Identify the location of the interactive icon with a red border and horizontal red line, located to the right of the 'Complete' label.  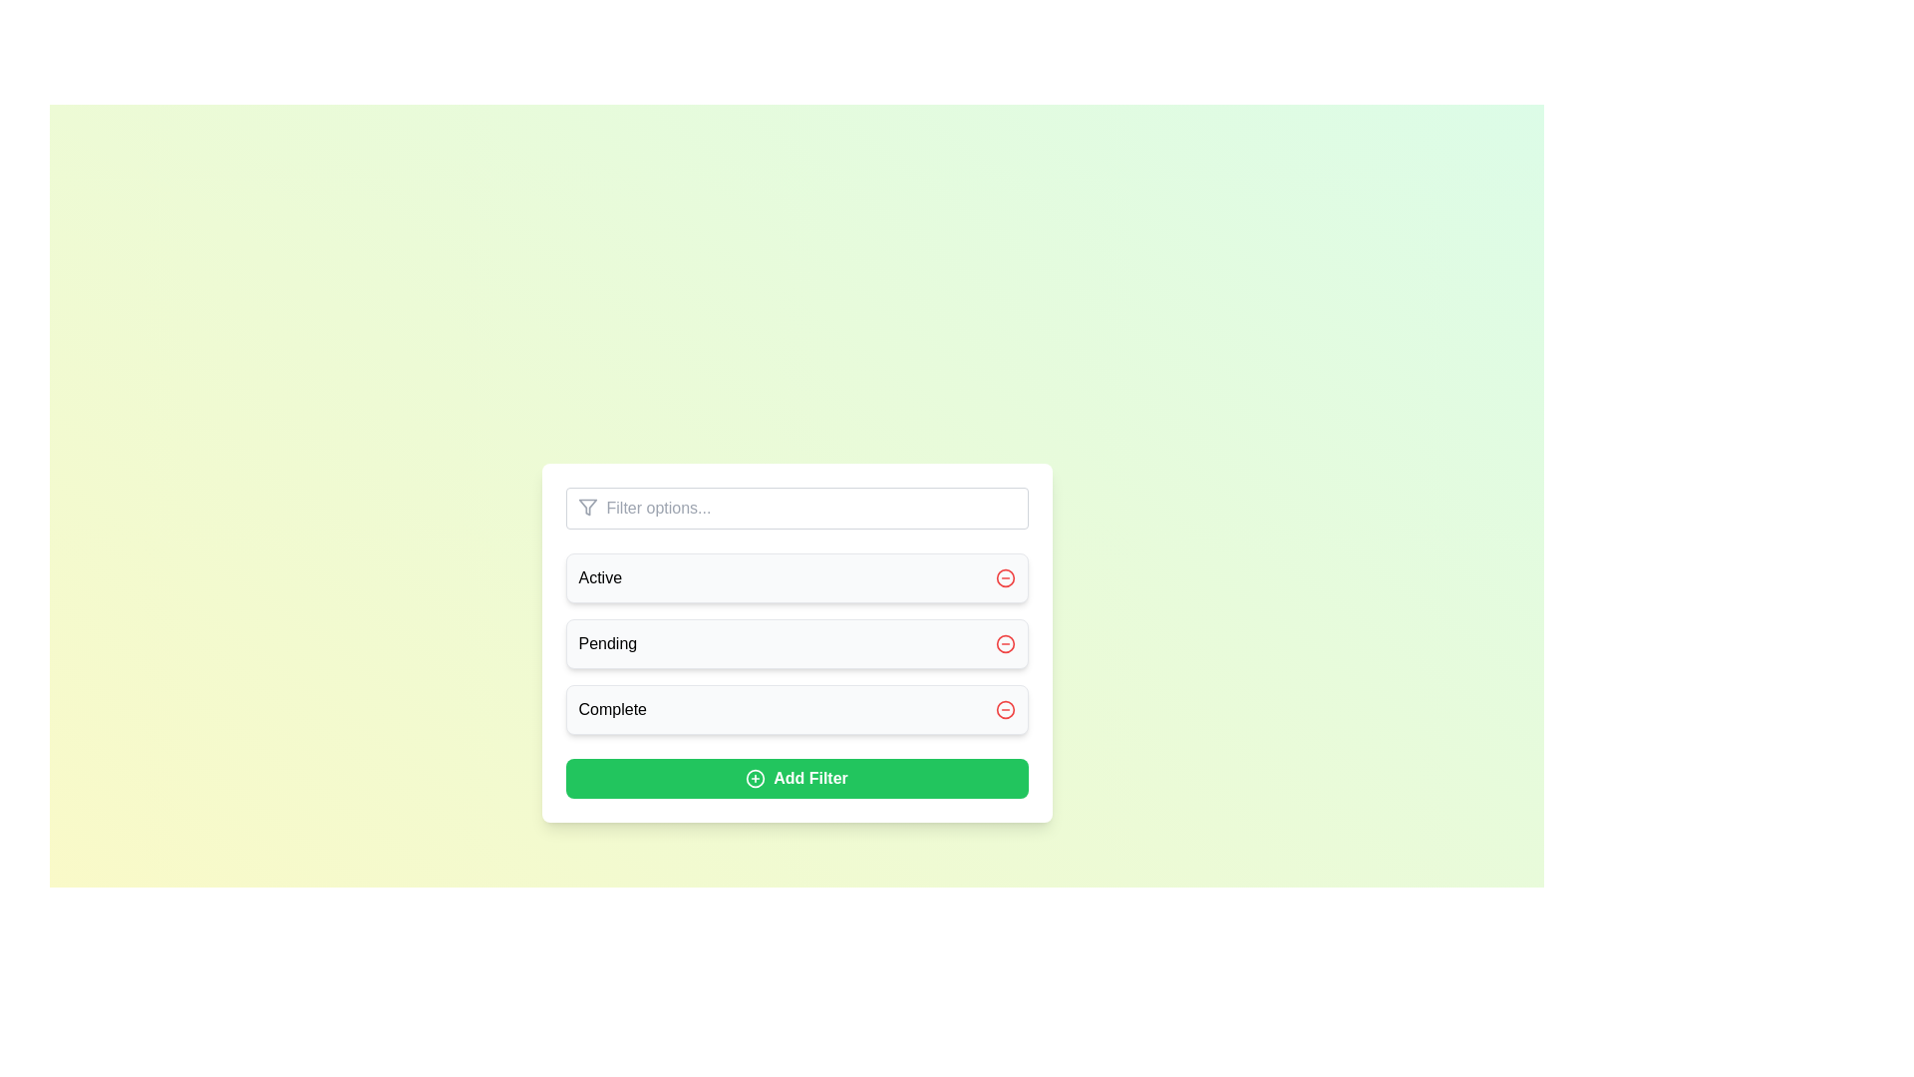
(1005, 709).